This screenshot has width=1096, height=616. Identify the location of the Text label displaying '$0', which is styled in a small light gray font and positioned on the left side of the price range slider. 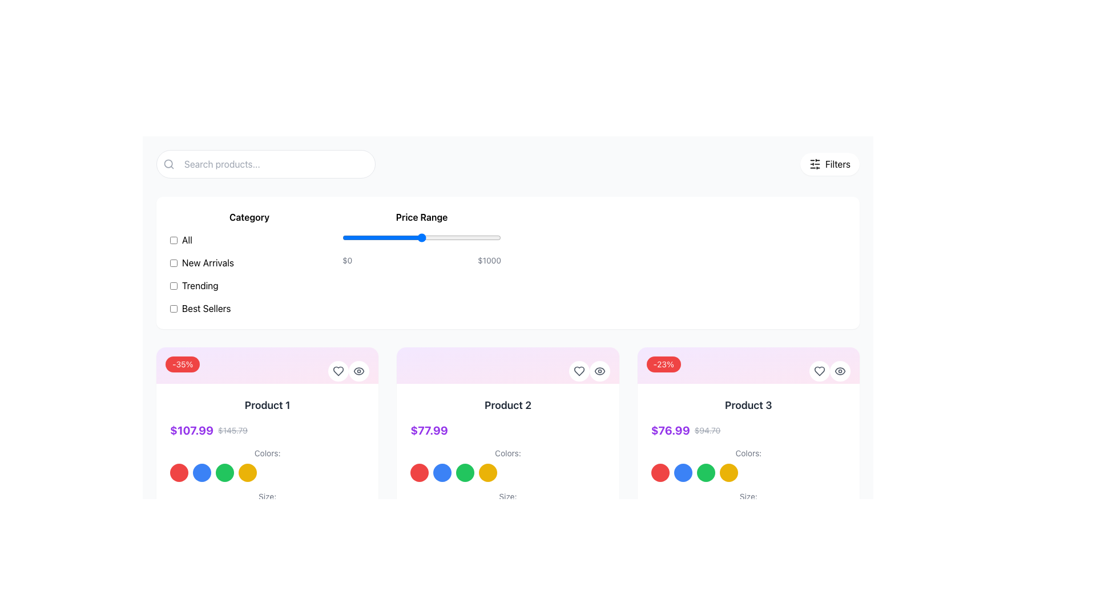
(346, 260).